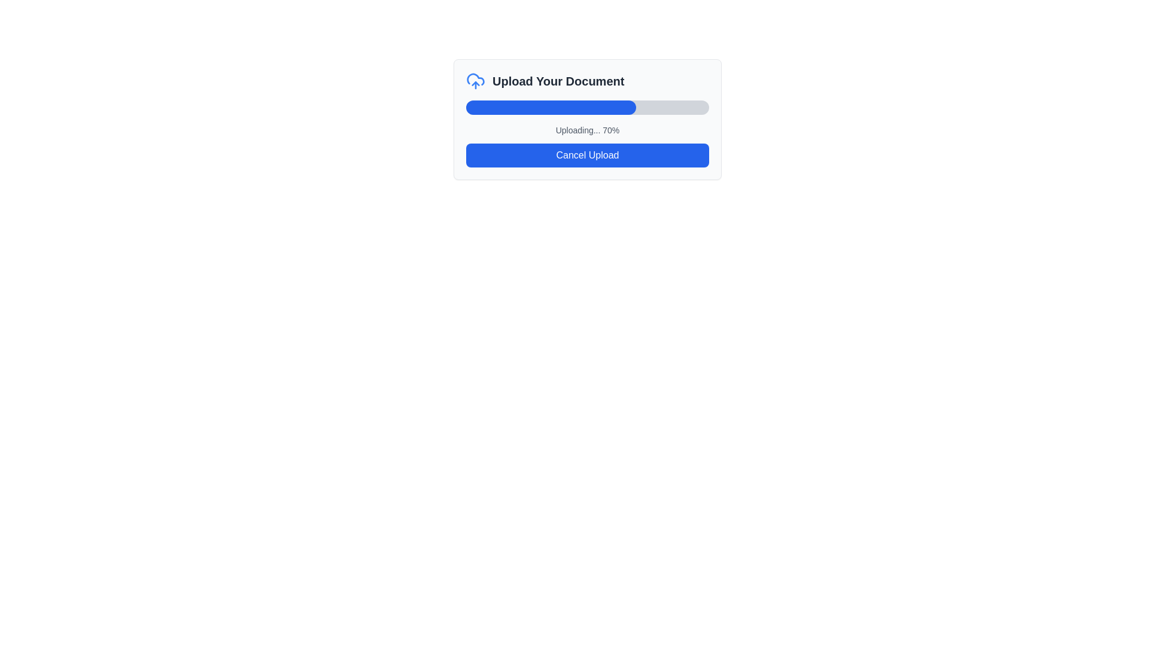 The height and width of the screenshot is (646, 1149). What do you see at coordinates (588, 145) in the screenshot?
I see `progress message from the composite UI element located in the lower section of the 'Upload Your Document' box, which includes a text label and a cancel button, positioned centrally below a blue progress bar` at bounding box center [588, 145].